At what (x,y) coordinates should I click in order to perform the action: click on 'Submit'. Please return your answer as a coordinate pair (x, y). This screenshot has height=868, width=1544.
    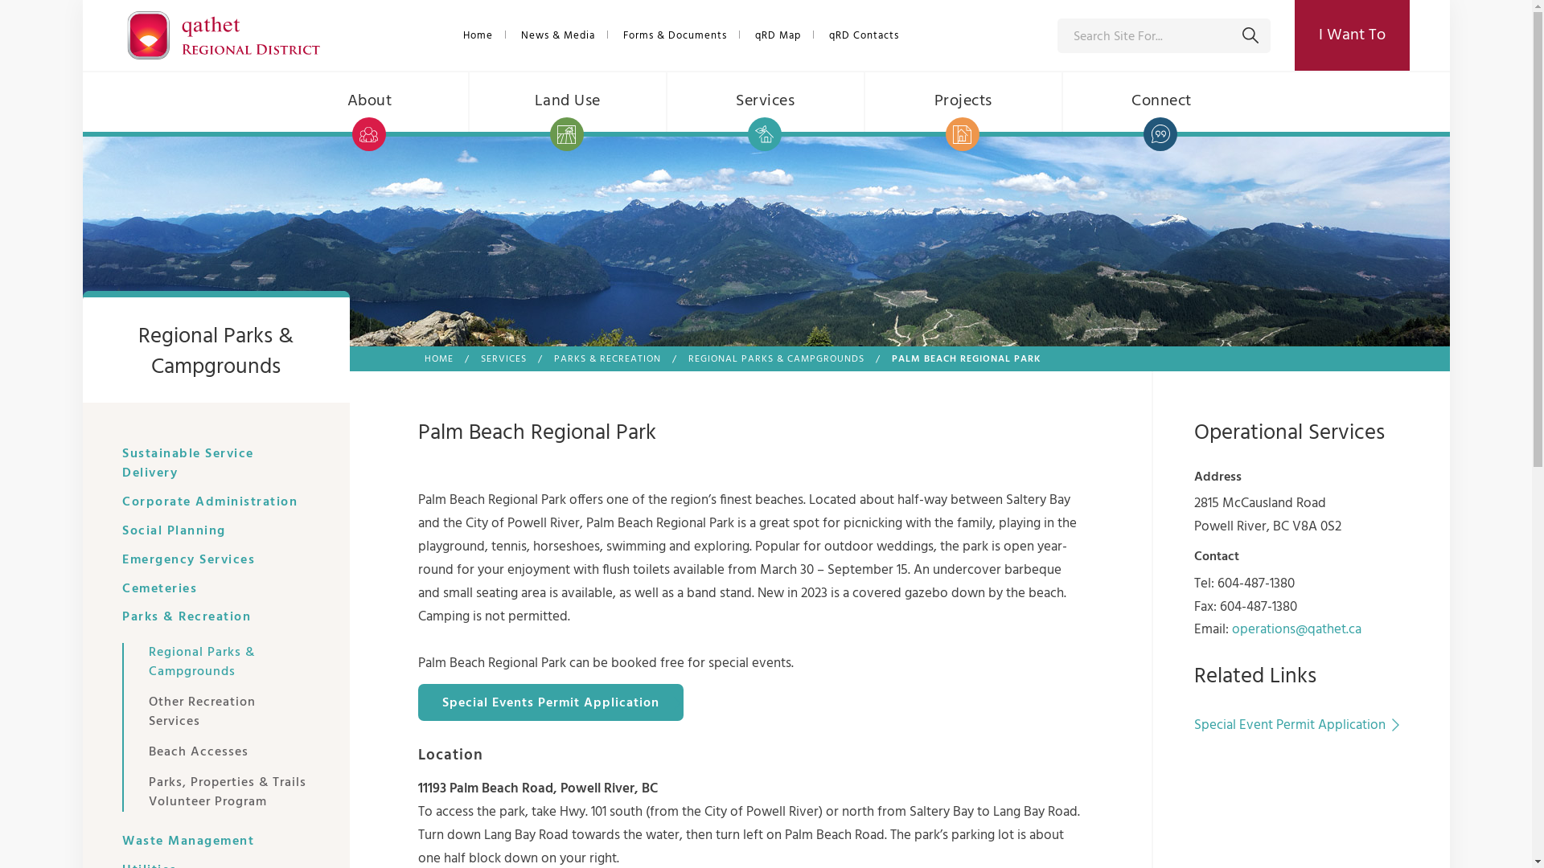
    Looking at the image, I should click on (1250, 35).